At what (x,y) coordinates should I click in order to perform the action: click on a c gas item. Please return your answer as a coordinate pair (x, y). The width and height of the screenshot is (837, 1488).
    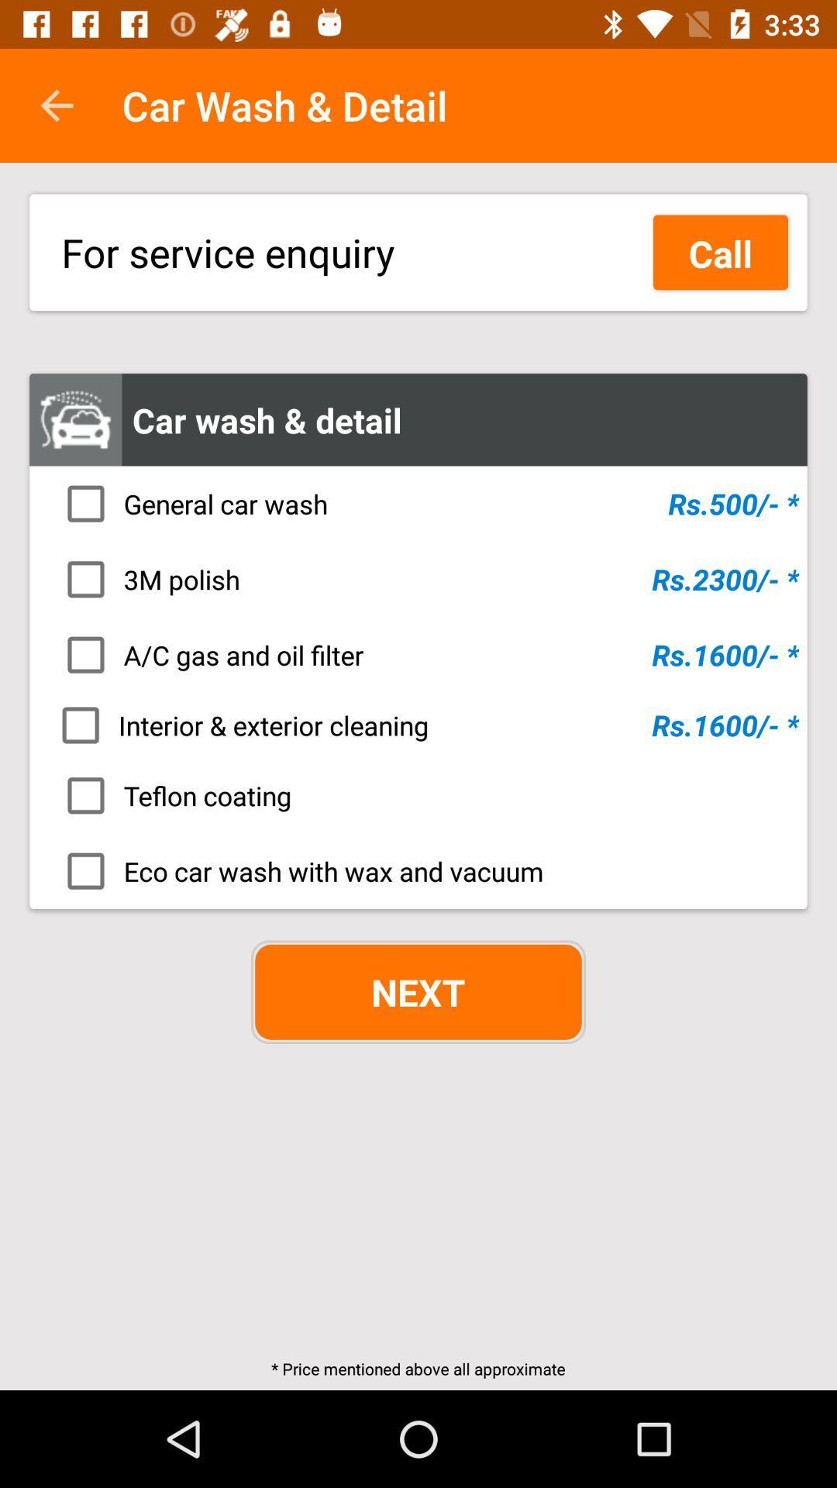
    Looking at the image, I should click on (423, 655).